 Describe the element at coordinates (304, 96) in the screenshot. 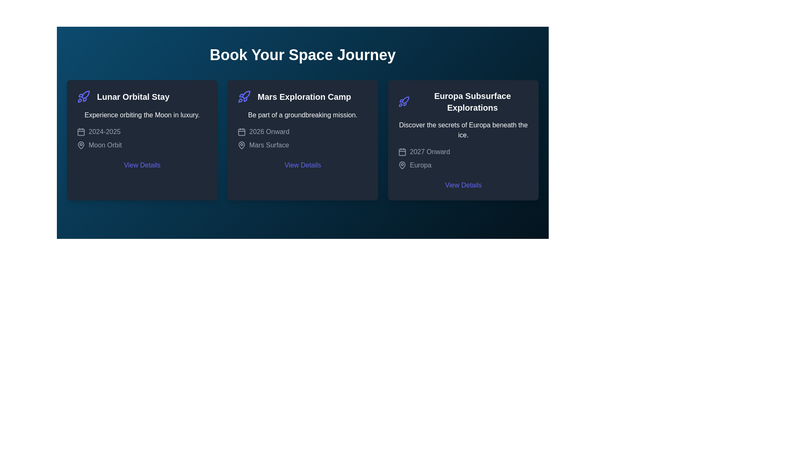

I see `bold title text 'Mars Exploration Camp' located in the middle card of three horizontally arranged cards` at that location.